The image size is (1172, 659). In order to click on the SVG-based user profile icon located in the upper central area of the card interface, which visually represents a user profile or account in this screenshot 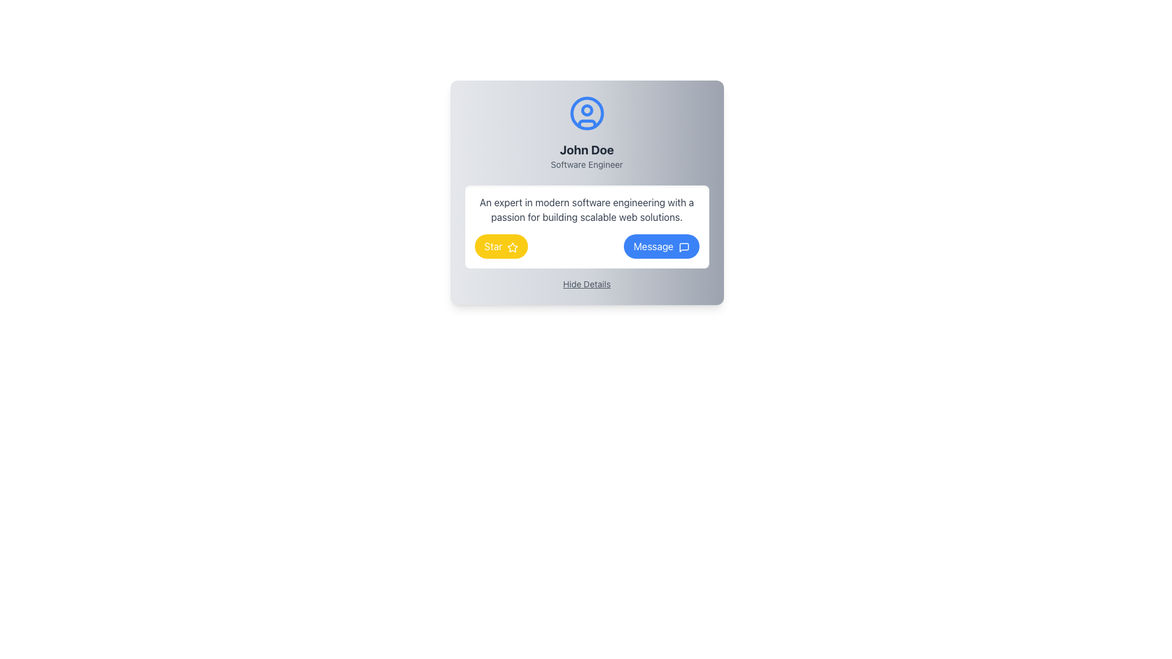, I will do `click(587, 113)`.